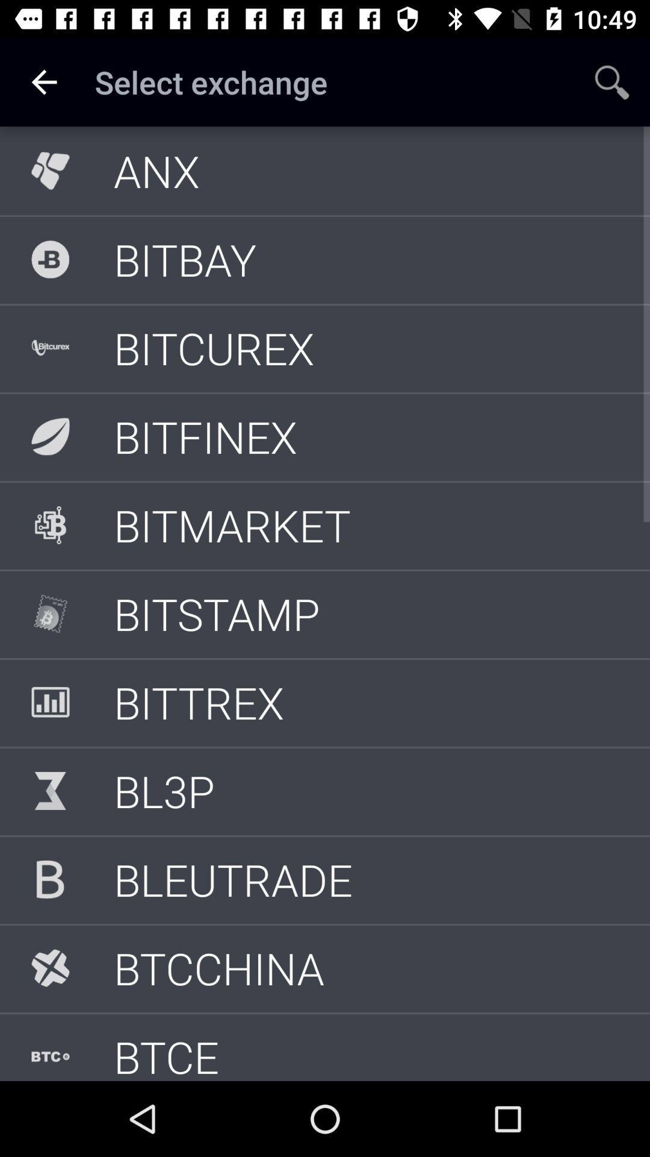  Describe the element at coordinates (612, 81) in the screenshot. I see `the icon at the top right corner` at that location.